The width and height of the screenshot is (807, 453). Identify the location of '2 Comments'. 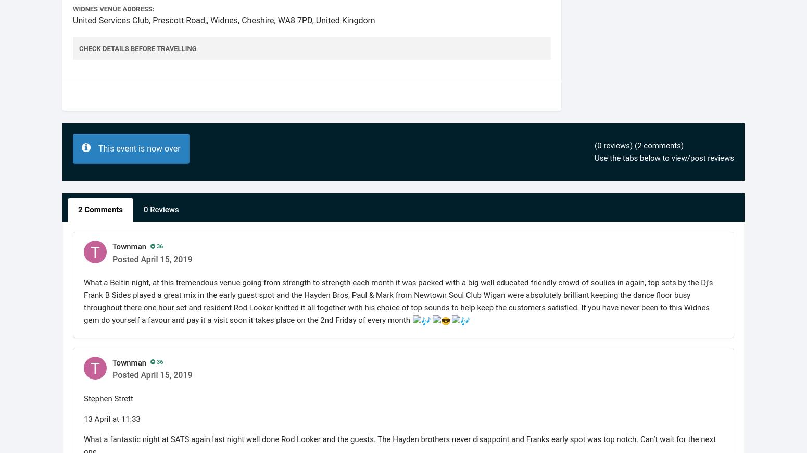
(99, 209).